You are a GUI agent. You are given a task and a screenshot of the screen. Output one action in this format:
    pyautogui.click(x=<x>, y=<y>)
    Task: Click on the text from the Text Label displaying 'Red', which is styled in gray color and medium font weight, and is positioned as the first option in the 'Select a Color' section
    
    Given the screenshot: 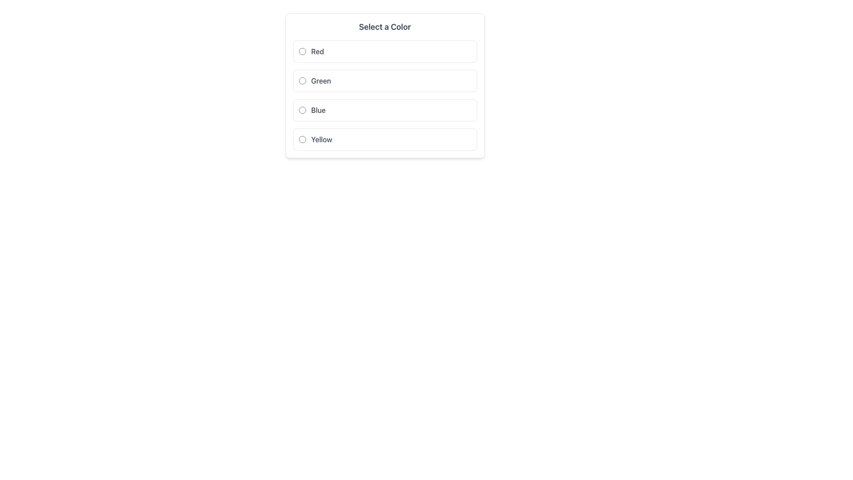 What is the action you would take?
    pyautogui.click(x=317, y=51)
    